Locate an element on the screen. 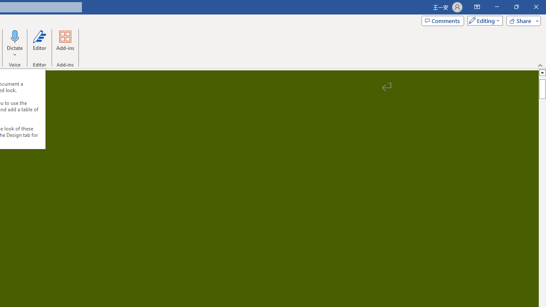 Image resolution: width=546 pixels, height=307 pixels. 'Line up' is located at coordinates (542, 72).